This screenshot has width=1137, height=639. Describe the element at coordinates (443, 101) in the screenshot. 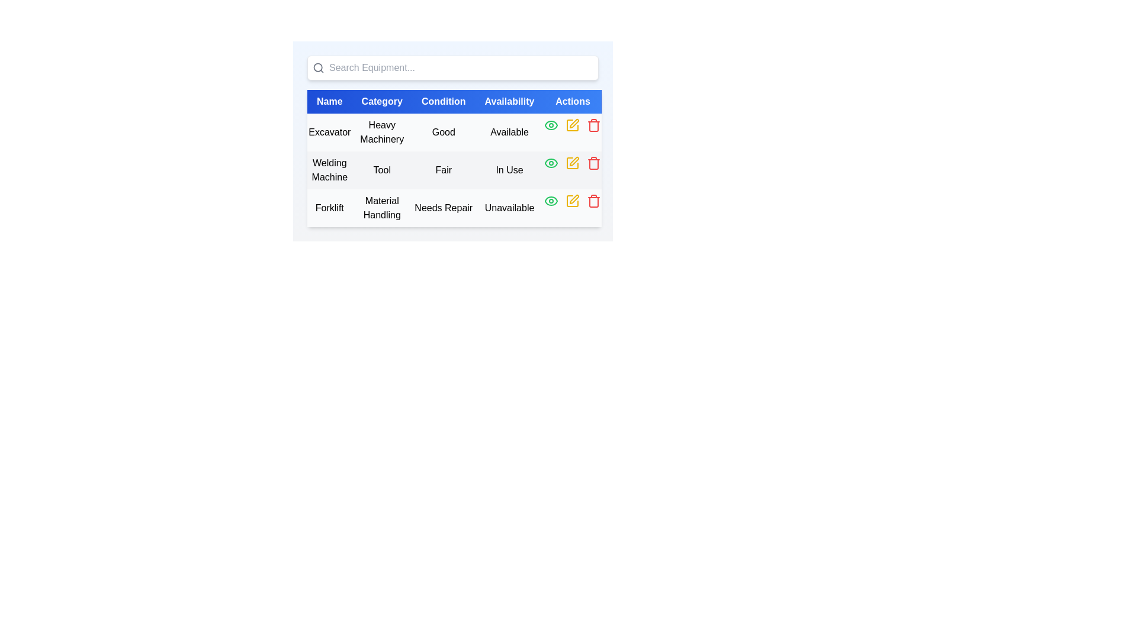

I see `the Static text header element labeled 'Condition', which is a blue rectangular area with white text, located in the third column of the header row of a table, positioned between 'Category' and 'Availability'` at that location.